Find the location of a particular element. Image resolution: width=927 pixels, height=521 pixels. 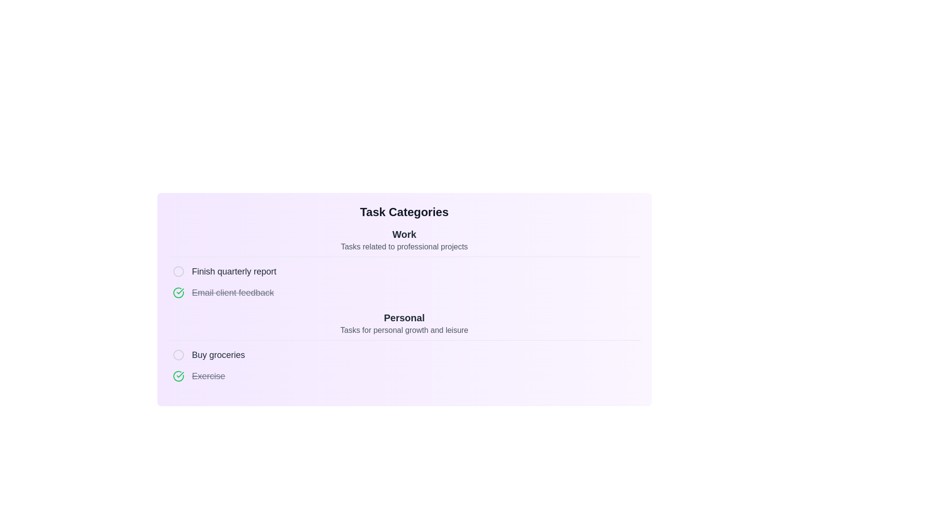

the green-colored circle with a check mark at the bottom of the 'Personal' task category card, adjacent to the 'Exercise' task label is located at coordinates (178, 292).